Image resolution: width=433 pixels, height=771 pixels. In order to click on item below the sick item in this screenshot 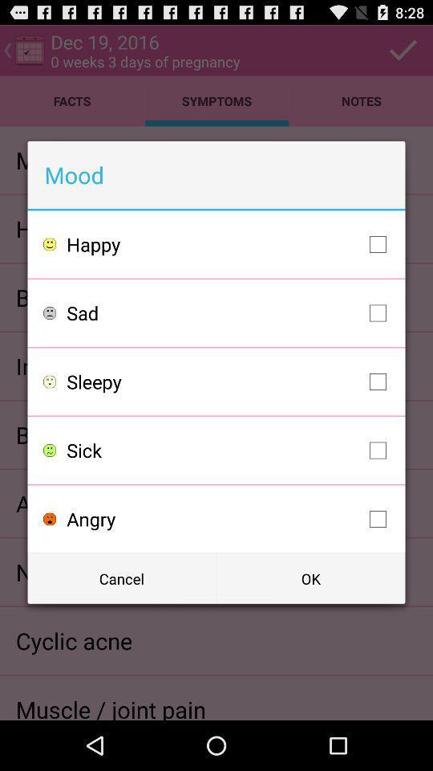, I will do `click(229, 518)`.